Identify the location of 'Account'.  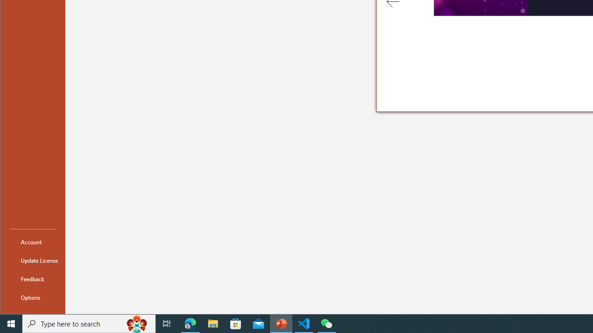
(33, 241).